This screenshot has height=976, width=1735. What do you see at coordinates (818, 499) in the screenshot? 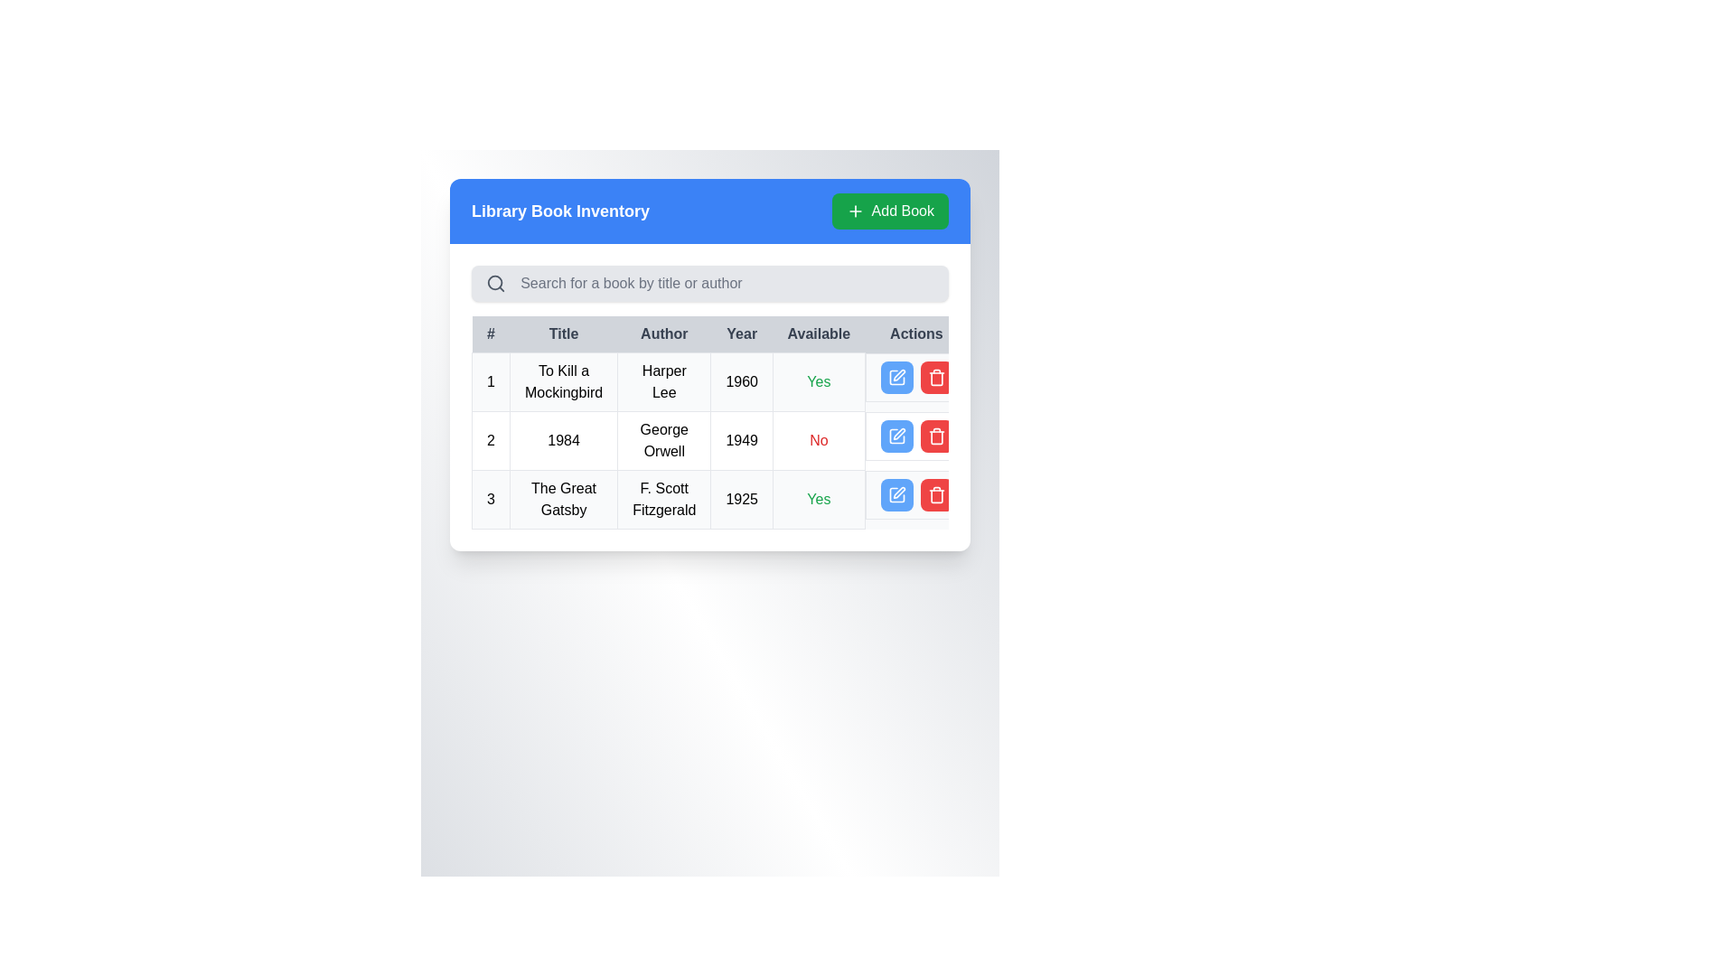
I see `availability status indicated by the text label for the book 'The Great Gatsby', located in the fifth column of the third row under the 'Available' header` at bounding box center [818, 499].